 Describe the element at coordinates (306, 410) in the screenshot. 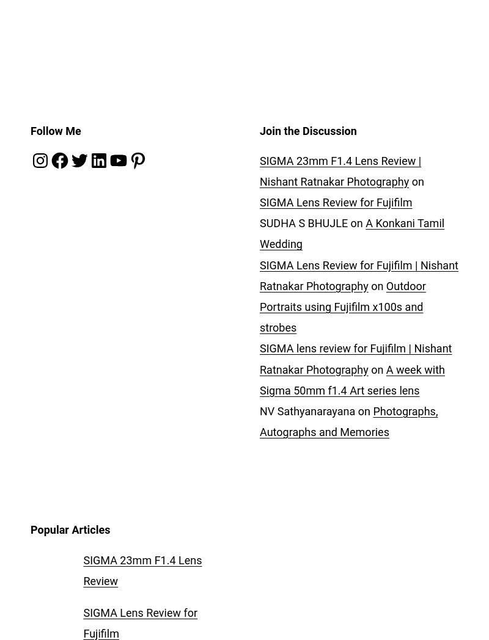

I see `'NV Sathyanarayana'` at that location.